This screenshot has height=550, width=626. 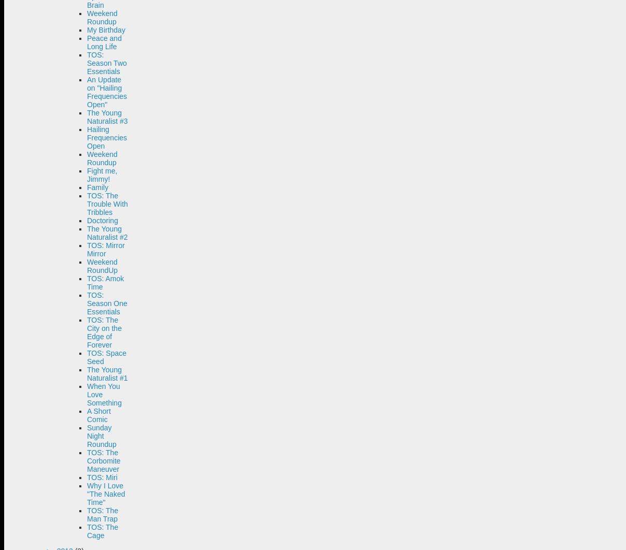 What do you see at coordinates (106, 30) in the screenshot?
I see `'My Birthday'` at bounding box center [106, 30].